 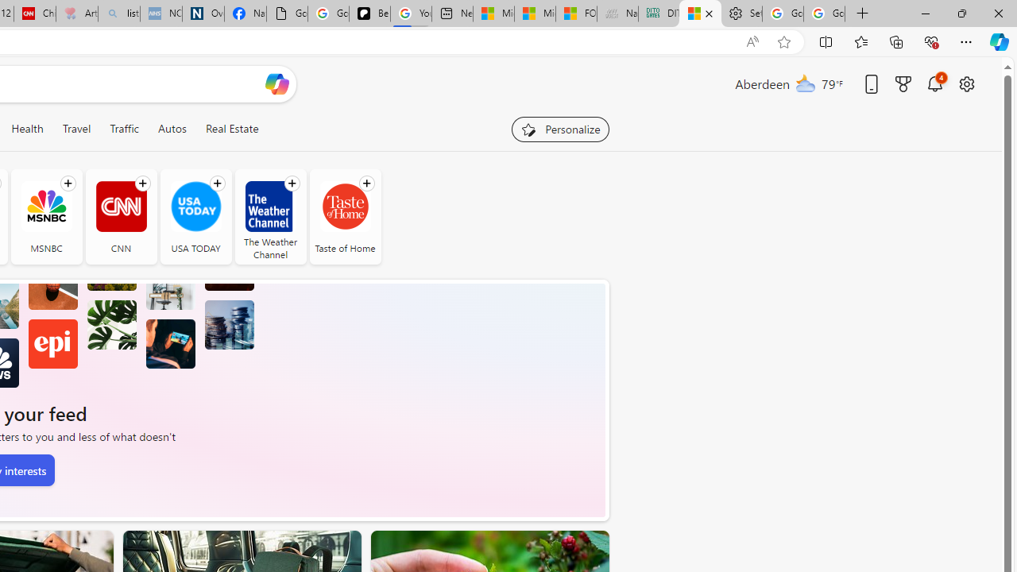 I want to click on 'Real Estate', so click(x=230, y=128).